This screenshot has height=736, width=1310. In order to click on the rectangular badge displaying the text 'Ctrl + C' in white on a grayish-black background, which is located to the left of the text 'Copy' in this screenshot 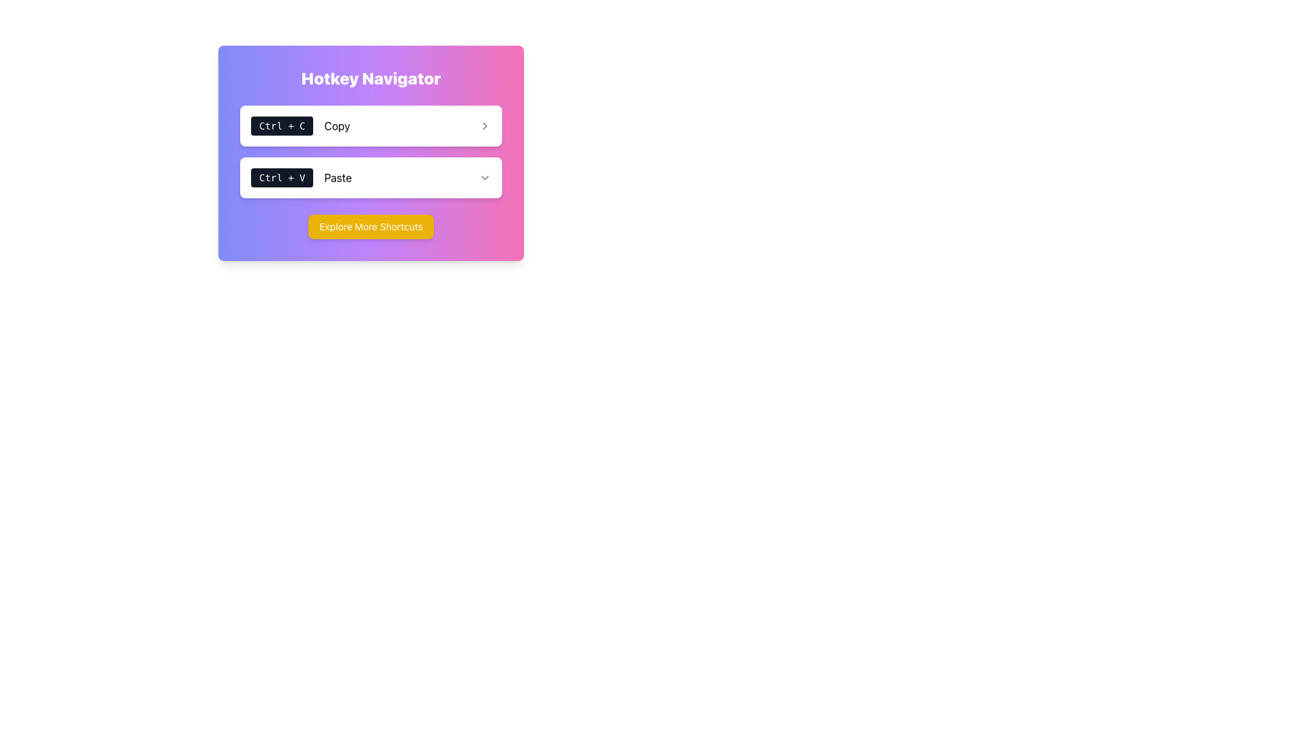, I will do `click(281, 126)`.